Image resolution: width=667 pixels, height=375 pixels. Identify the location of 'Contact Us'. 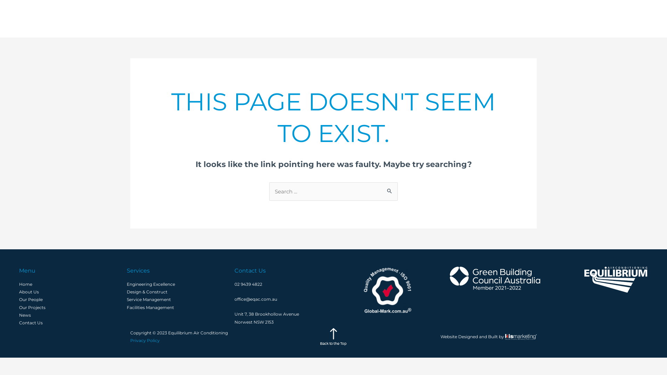
(31, 323).